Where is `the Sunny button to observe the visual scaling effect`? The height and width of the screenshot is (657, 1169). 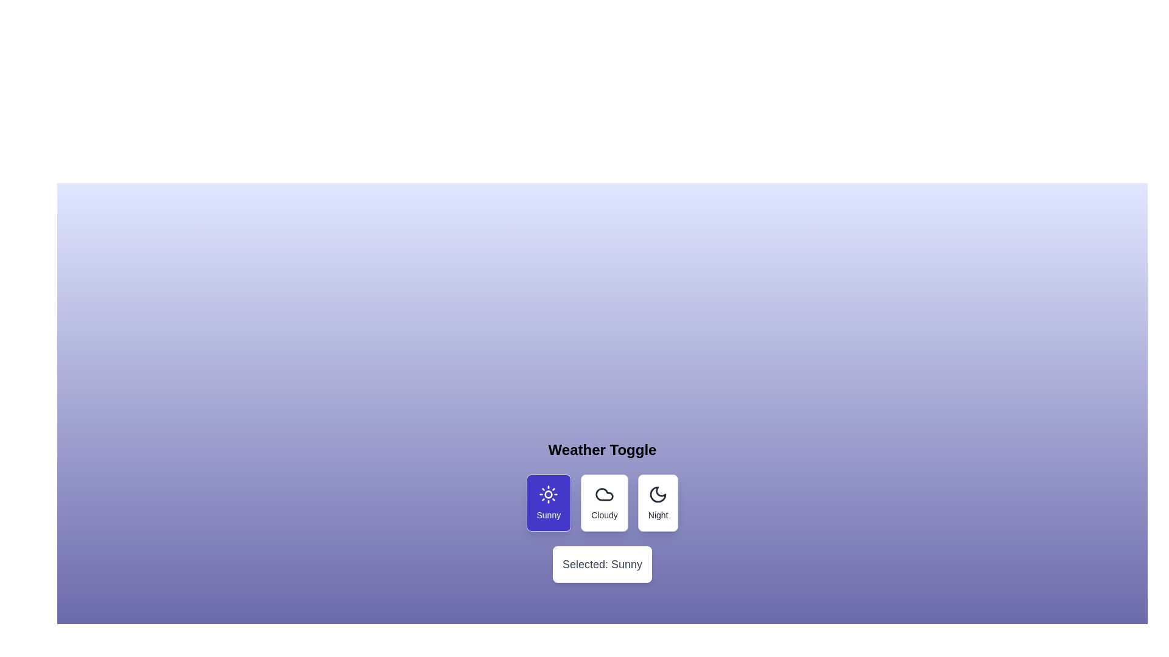 the Sunny button to observe the visual scaling effect is located at coordinates (548, 502).